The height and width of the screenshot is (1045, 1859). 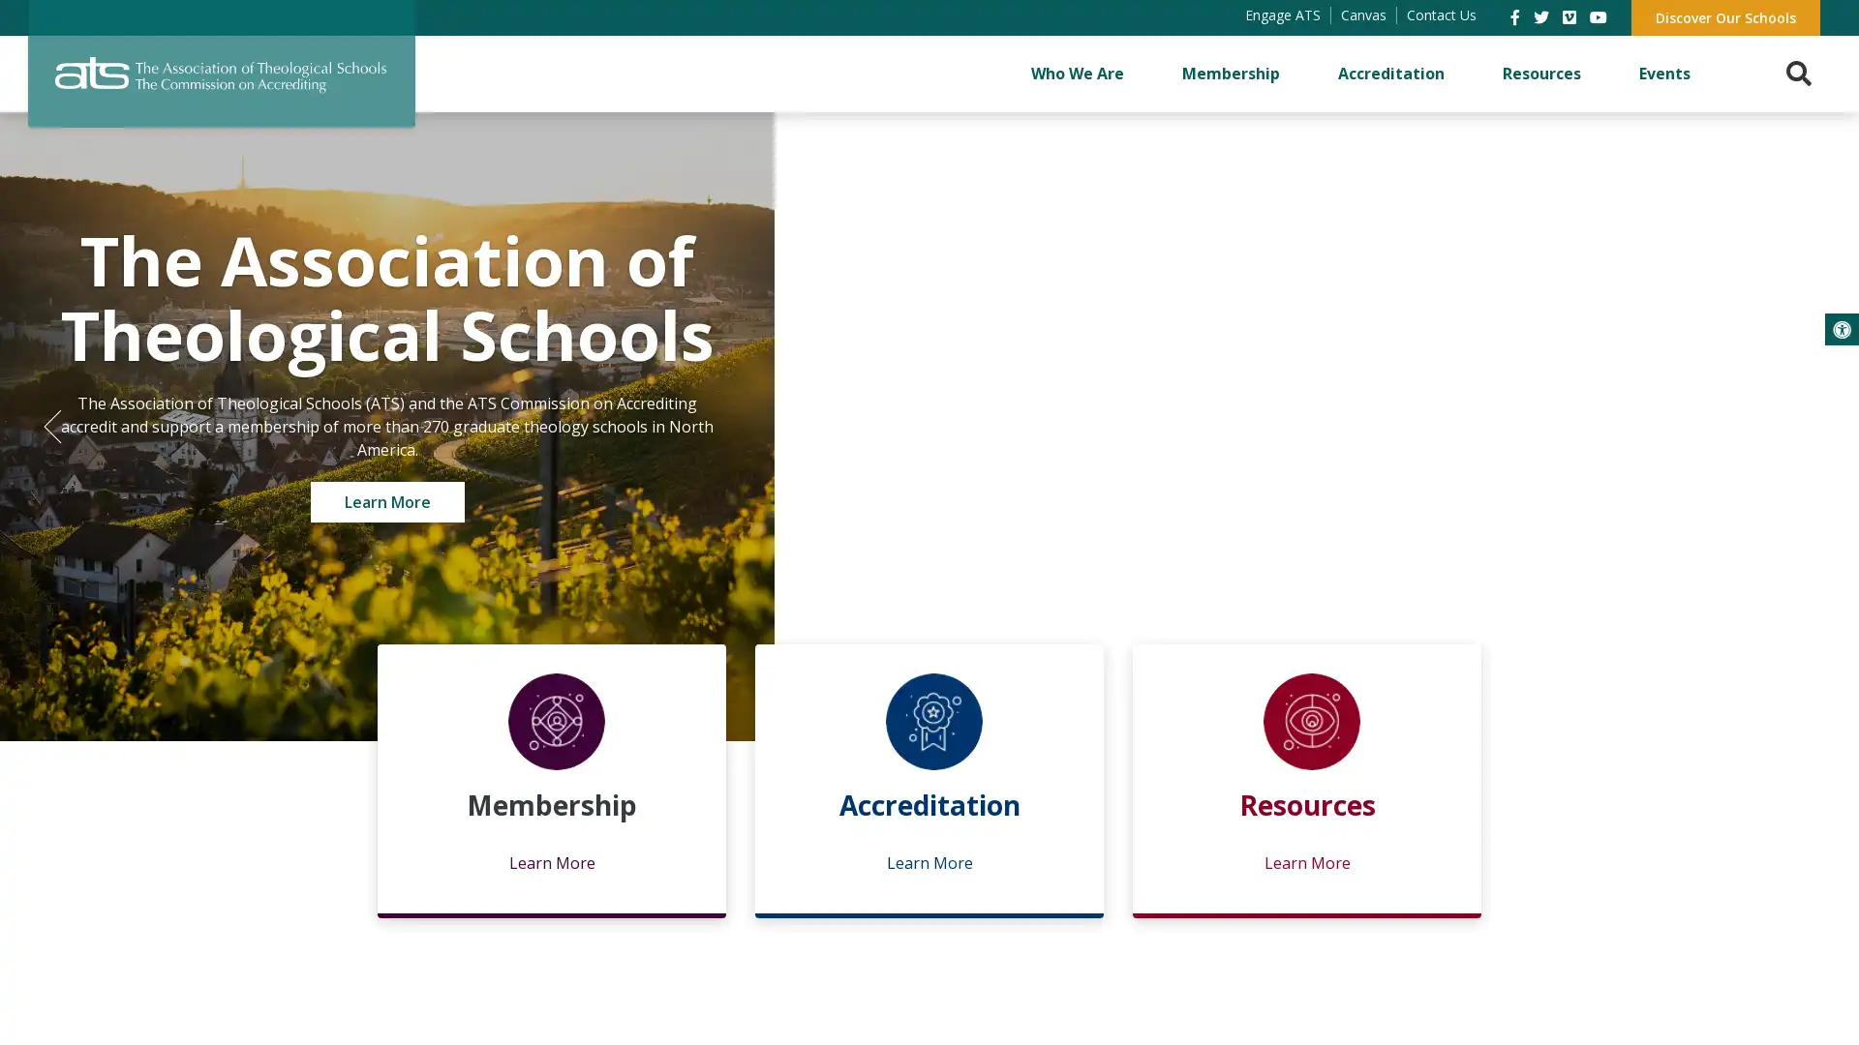 I want to click on 2, so click(x=929, y=664).